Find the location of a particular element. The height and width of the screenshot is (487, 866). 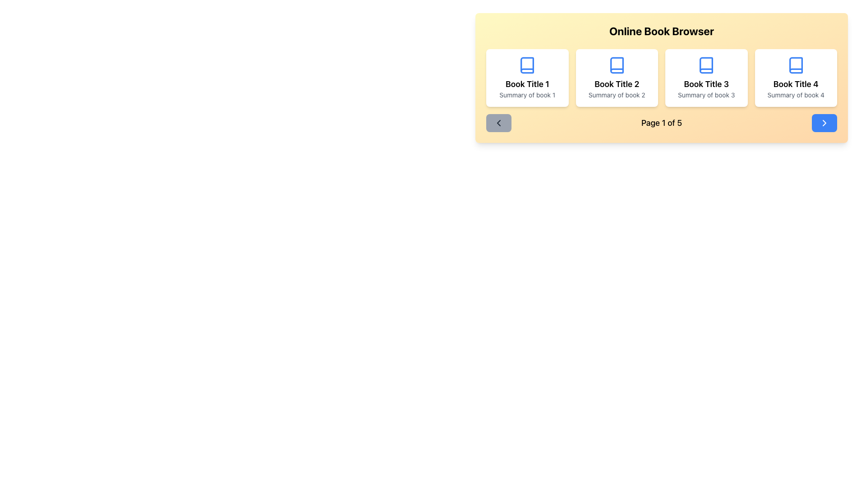

the blue book cover outline icon located within the 'Book Title 1' card in the 'Online Book Browser' is located at coordinates (527, 65).